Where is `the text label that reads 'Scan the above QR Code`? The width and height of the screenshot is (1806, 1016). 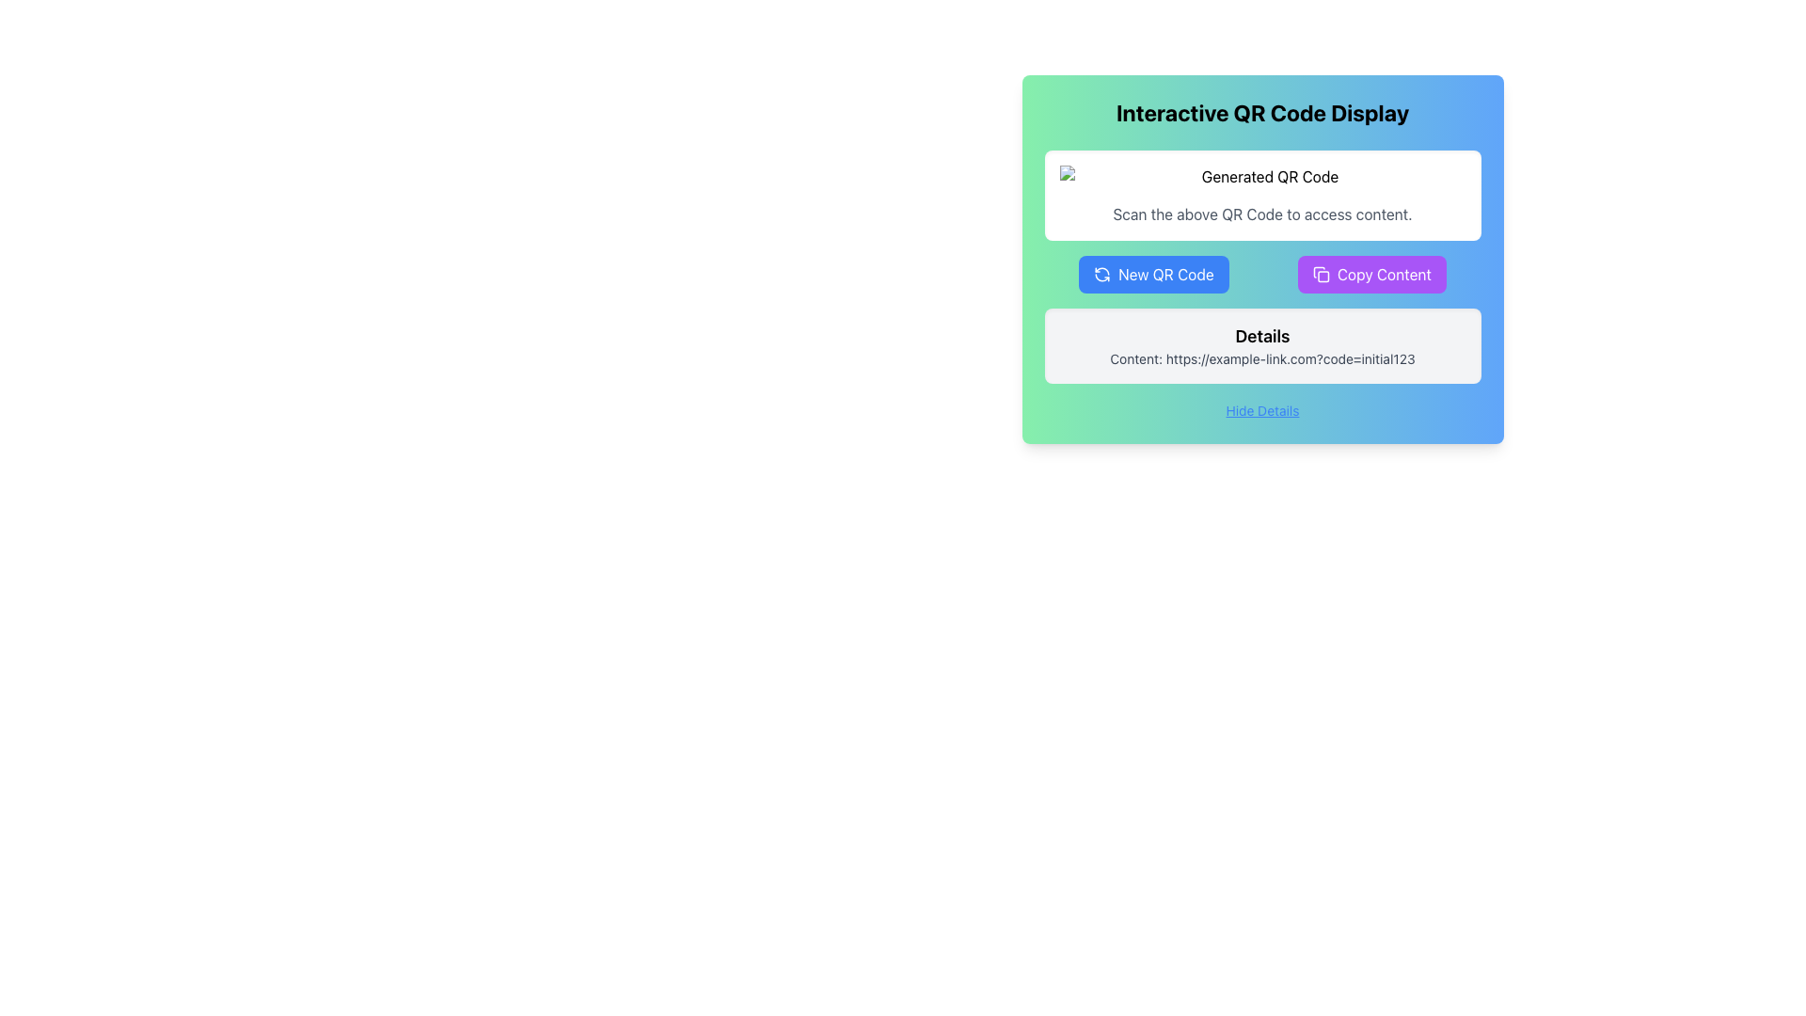
the text label that reads 'Scan the above QR Code is located at coordinates (1262, 213).